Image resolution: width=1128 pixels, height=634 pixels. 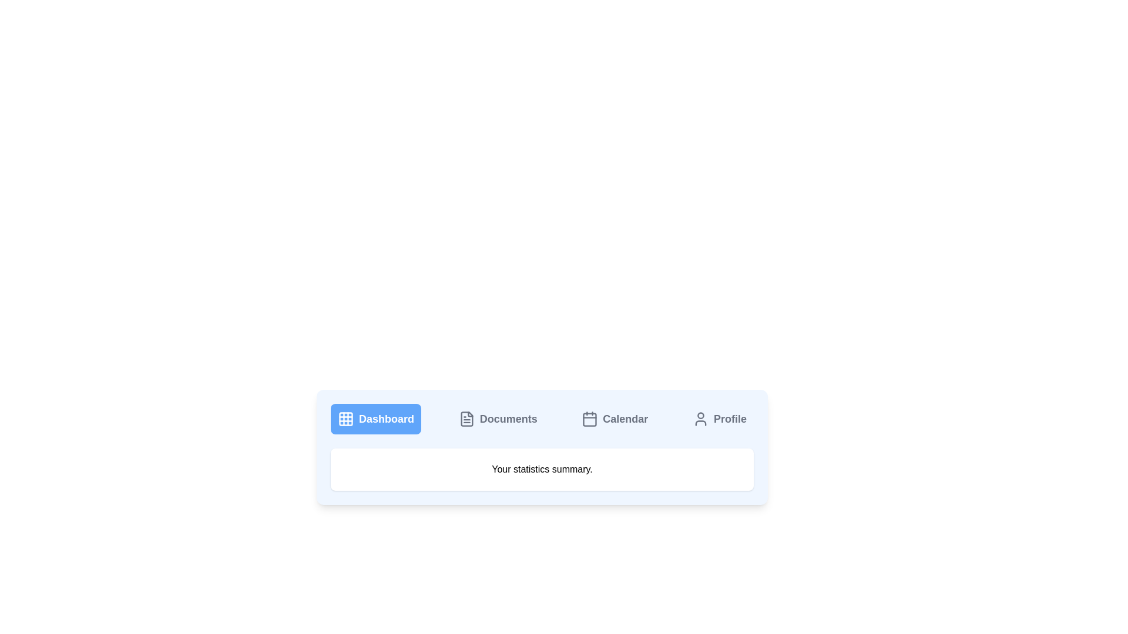 I want to click on the 'Calendar' button, which has a light gray background and a calendar icon on the left, so click(x=614, y=418).